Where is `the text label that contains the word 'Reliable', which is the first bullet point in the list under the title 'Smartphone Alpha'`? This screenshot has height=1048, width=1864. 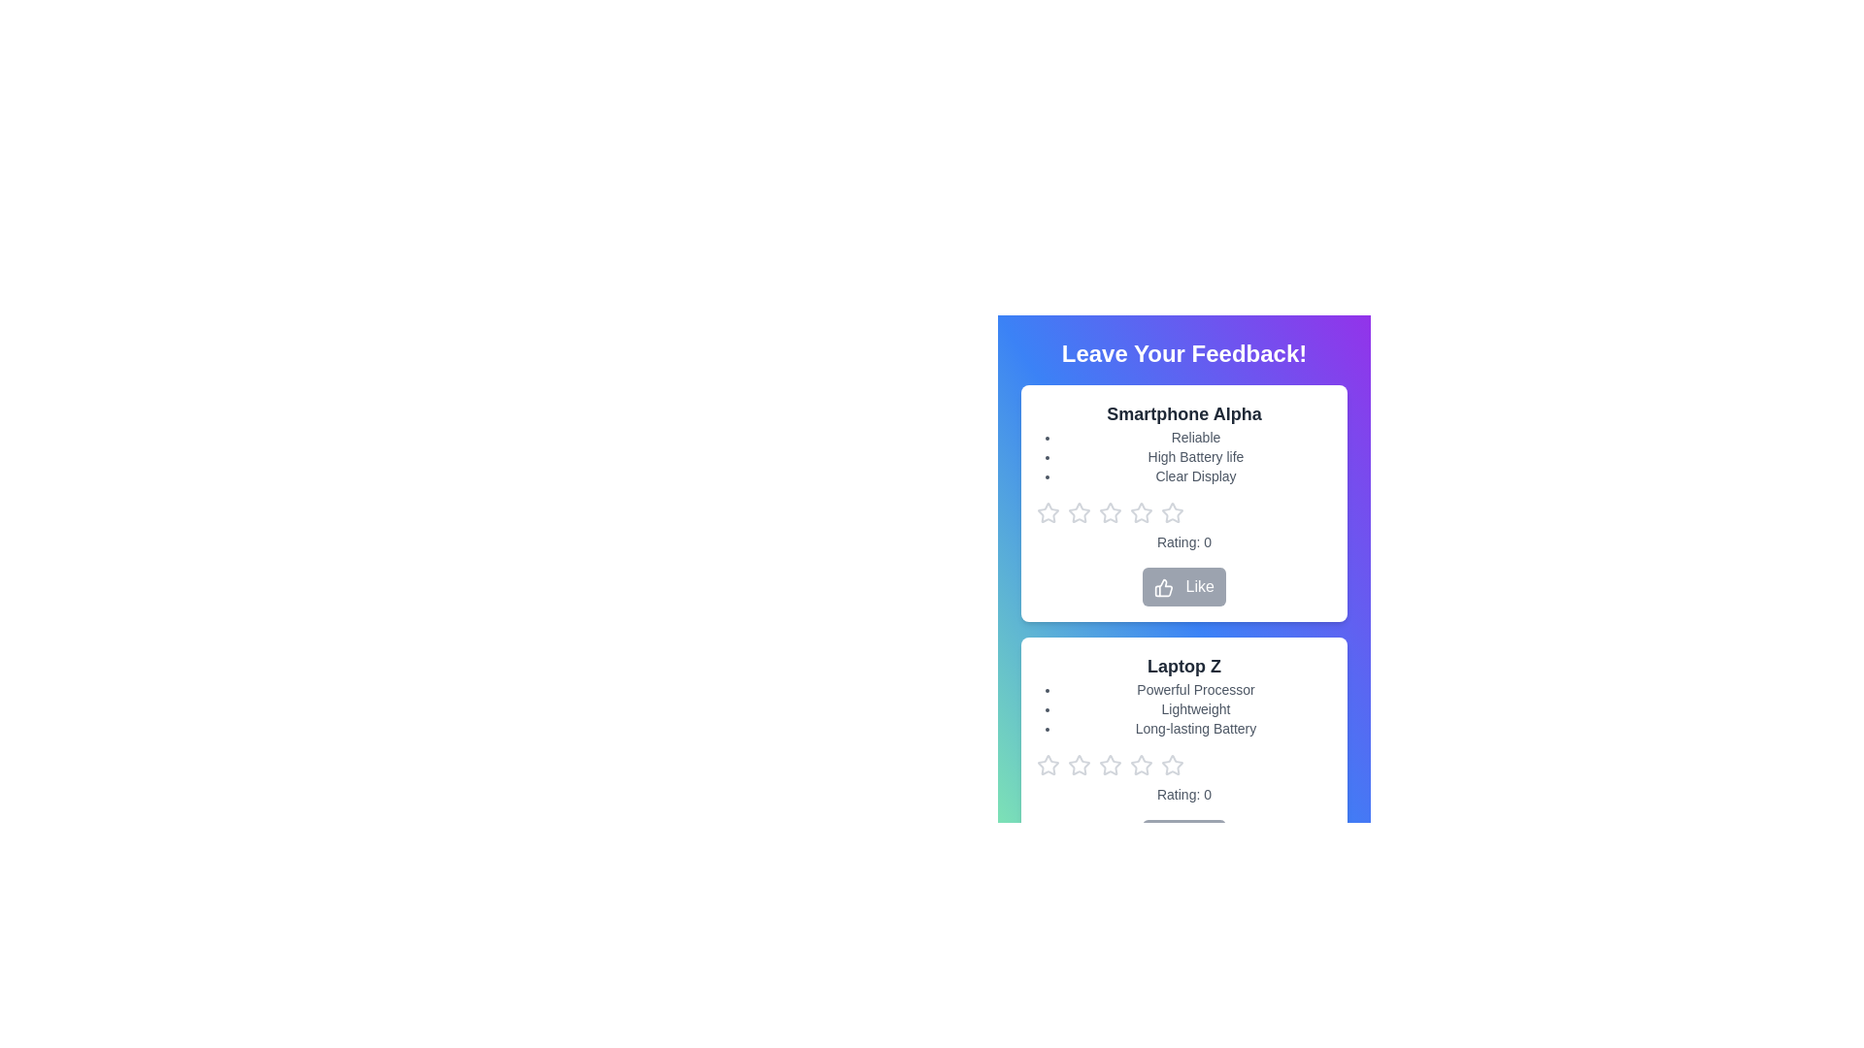
the text label that contains the word 'Reliable', which is the first bullet point in the list under the title 'Smartphone Alpha' is located at coordinates (1195, 438).